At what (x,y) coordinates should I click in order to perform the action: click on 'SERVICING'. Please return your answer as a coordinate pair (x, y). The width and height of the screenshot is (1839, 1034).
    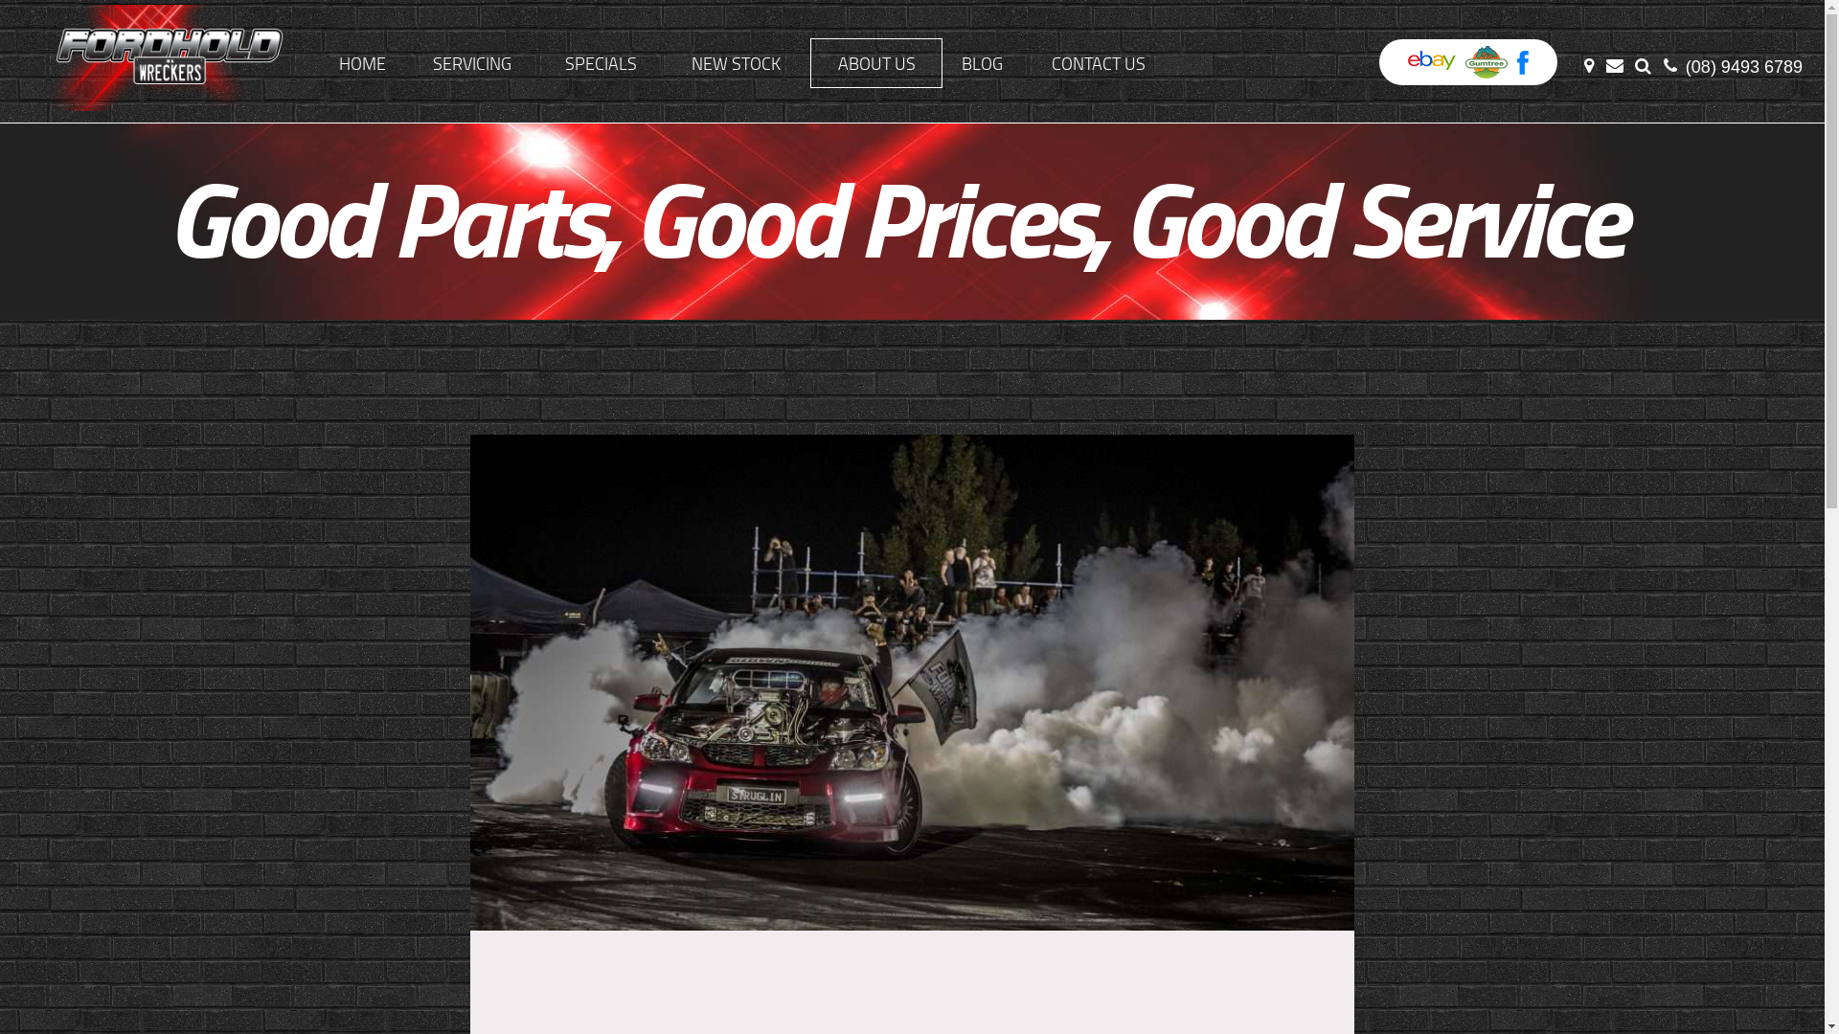
    Looking at the image, I should click on (472, 61).